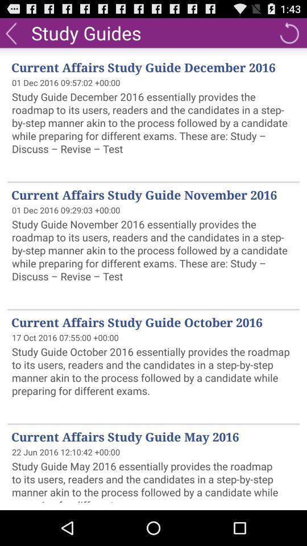 This screenshot has height=546, width=307. I want to click on the icon at the top right corner, so click(289, 32).